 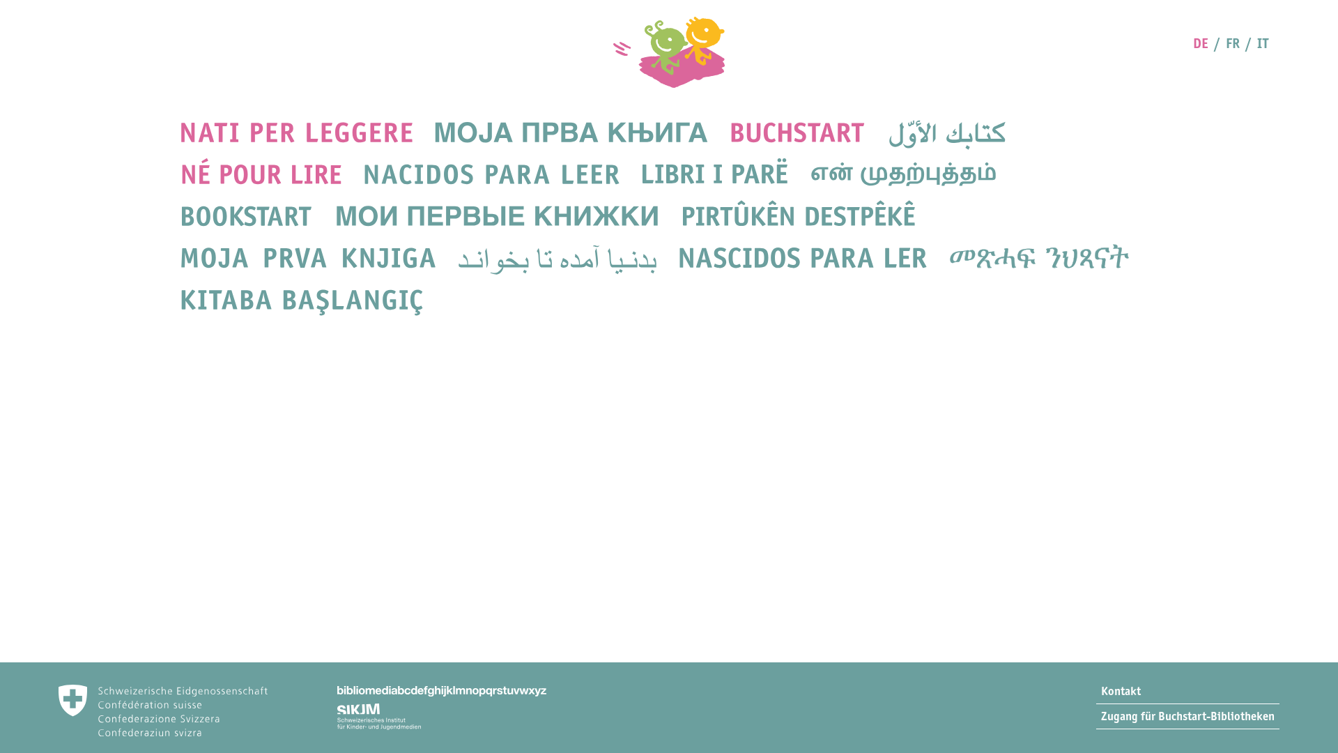 What do you see at coordinates (1233, 42) in the screenshot?
I see `'FR'` at bounding box center [1233, 42].